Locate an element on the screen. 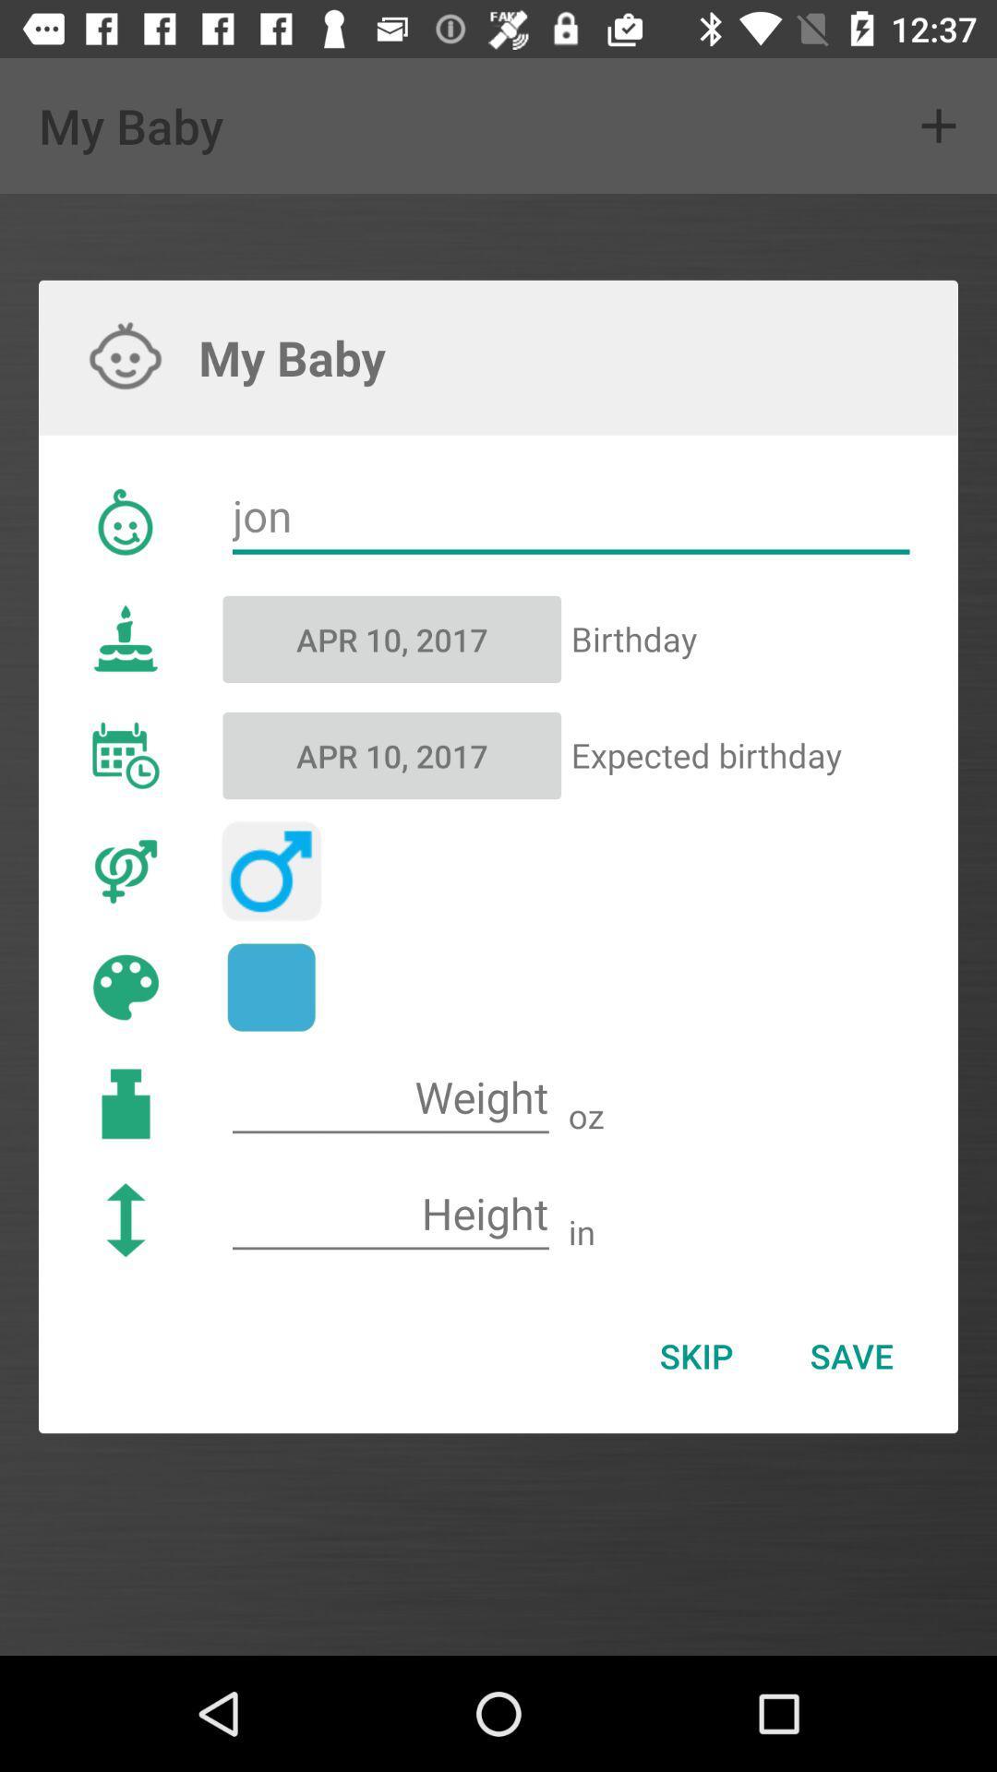  the jon item is located at coordinates (570, 517).